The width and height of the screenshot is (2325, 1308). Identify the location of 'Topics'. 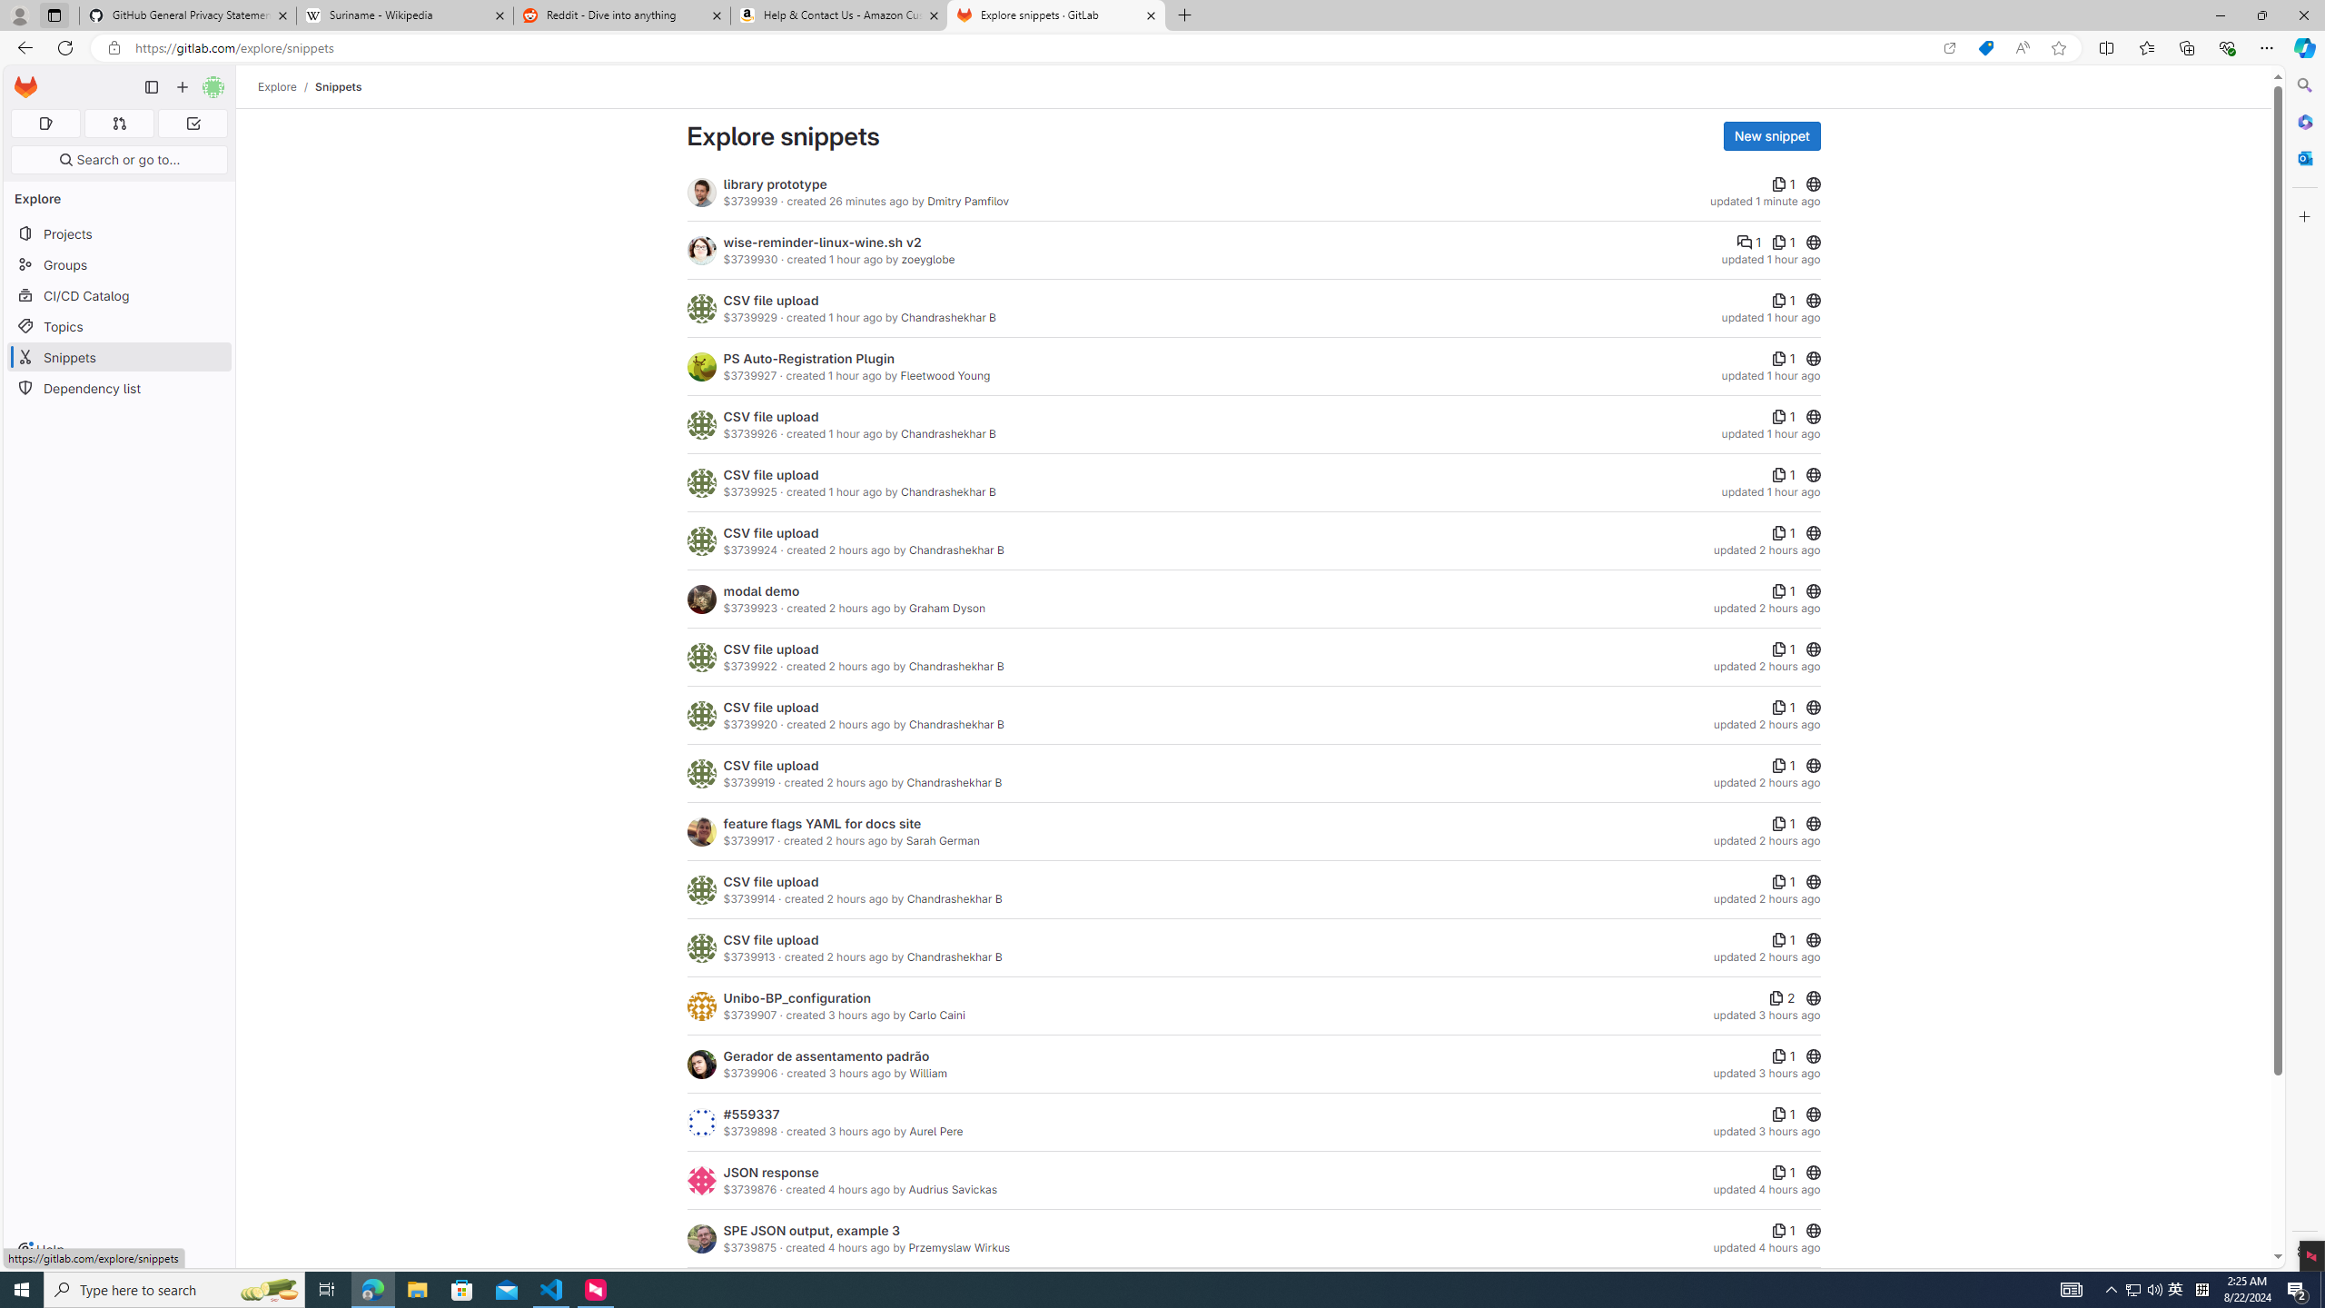
(118, 326).